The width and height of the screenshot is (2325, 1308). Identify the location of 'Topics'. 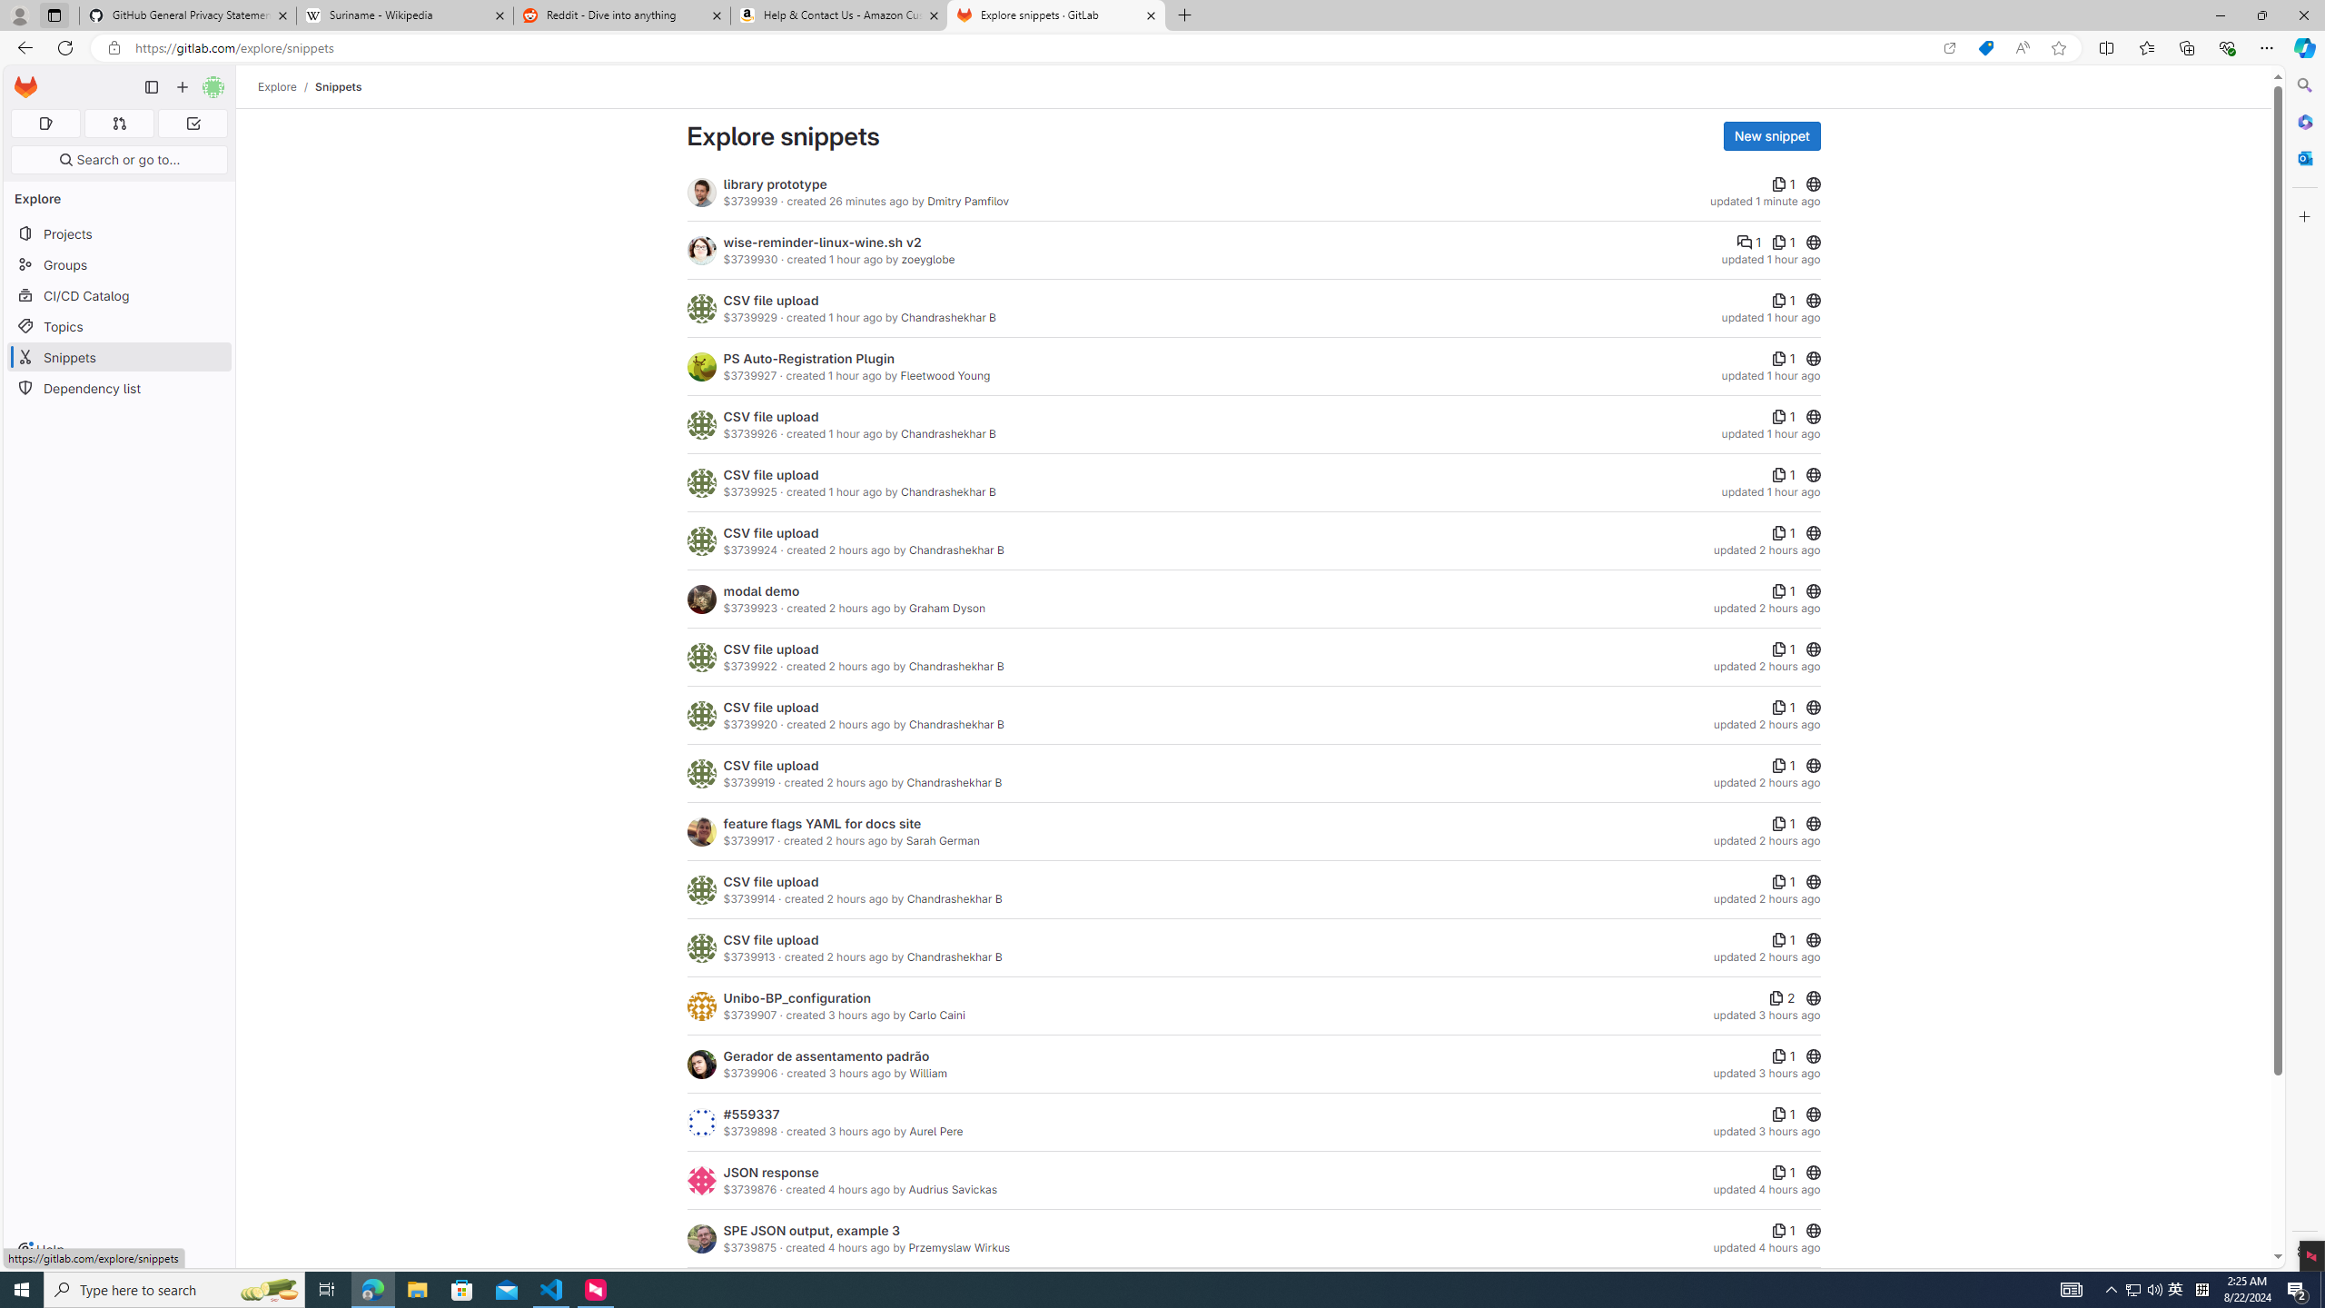
(118, 326).